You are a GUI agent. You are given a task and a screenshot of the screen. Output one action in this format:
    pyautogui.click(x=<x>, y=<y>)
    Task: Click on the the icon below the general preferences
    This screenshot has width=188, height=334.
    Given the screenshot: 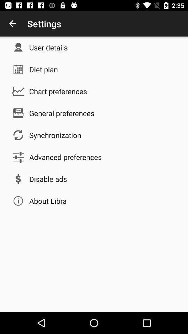 What is the action you would take?
    pyautogui.click(x=55, y=135)
    